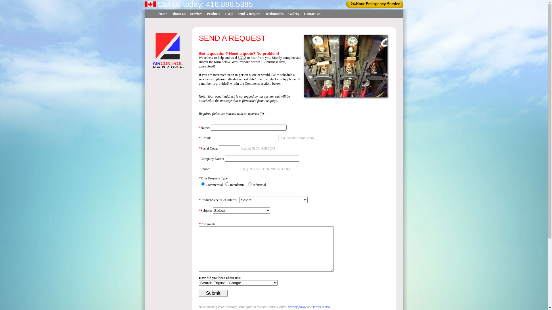 Image resolution: width=552 pixels, height=310 pixels. Describe the element at coordinates (204, 13) in the screenshot. I see `'Products'` at that location.